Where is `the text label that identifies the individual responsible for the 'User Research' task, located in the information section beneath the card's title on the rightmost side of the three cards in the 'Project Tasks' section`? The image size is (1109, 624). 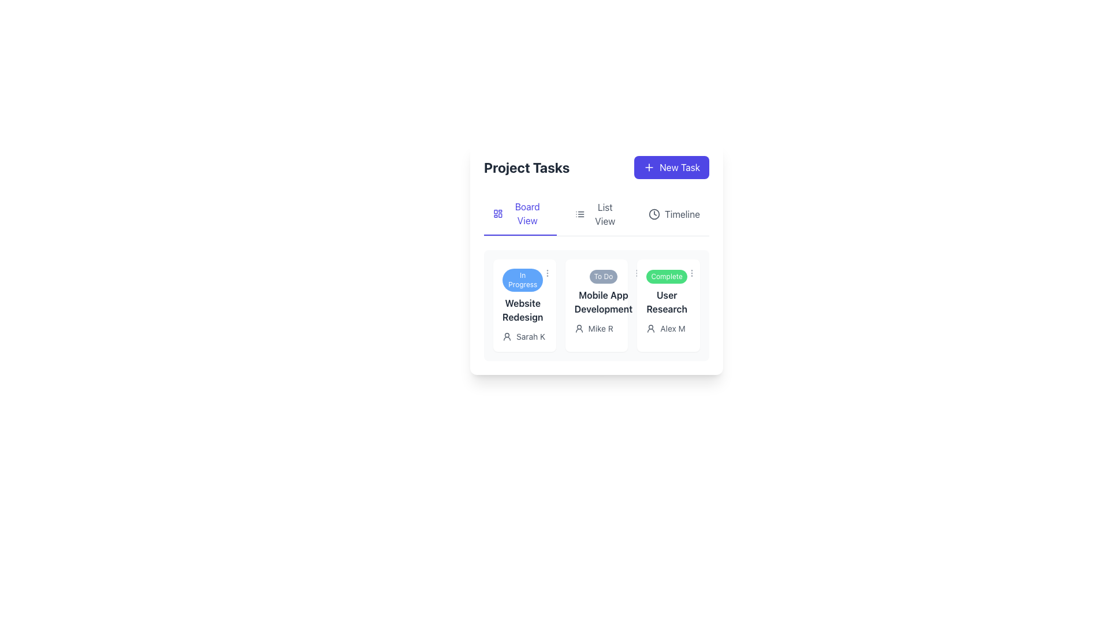
the text label that identifies the individual responsible for the 'User Research' task, located in the information section beneath the card's title on the rightmost side of the three cards in the 'Project Tasks' section is located at coordinates (673, 329).